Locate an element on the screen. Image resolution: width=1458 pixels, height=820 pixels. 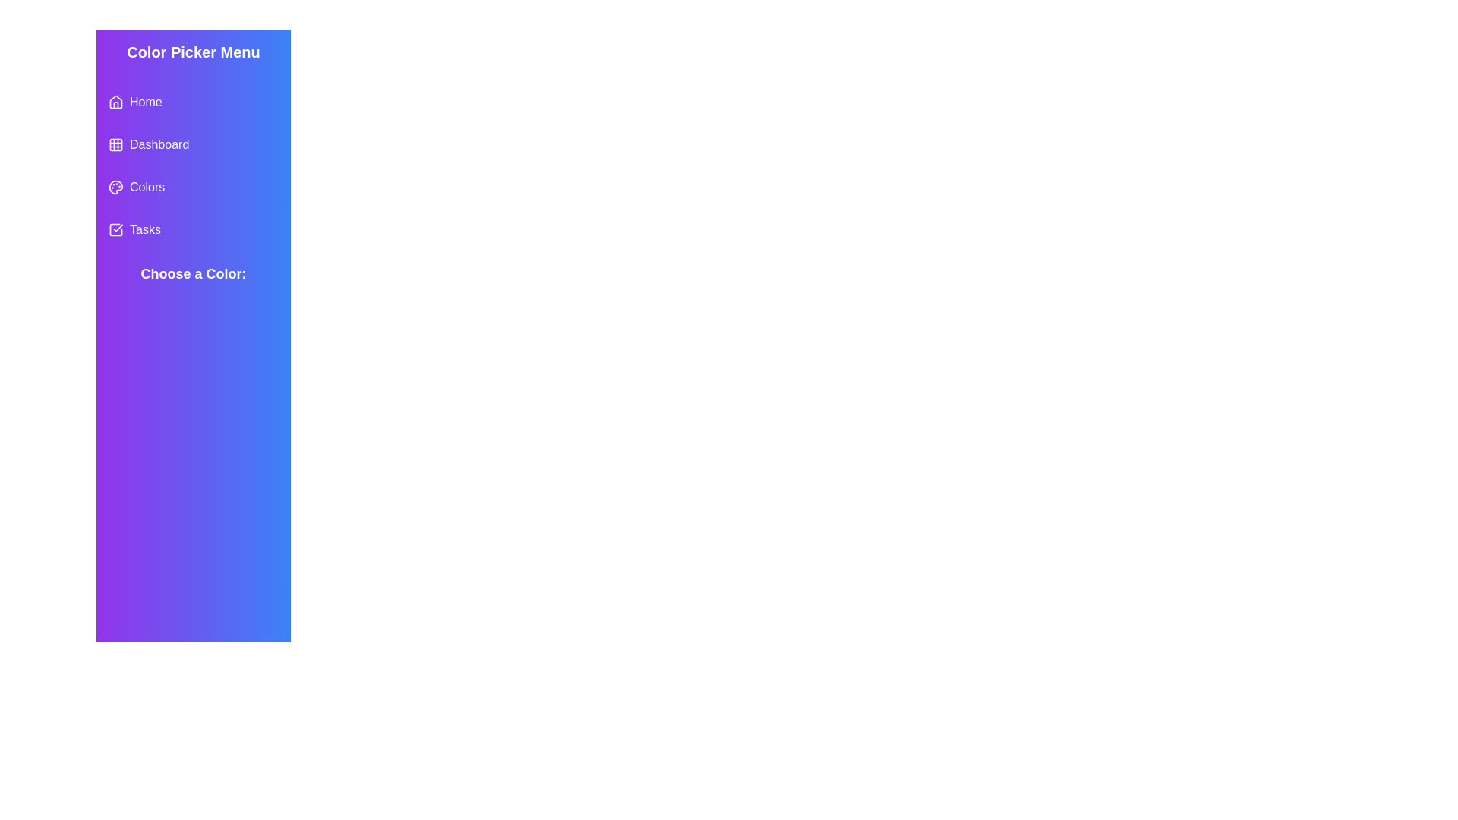
the circular indicator in the first row and second column of the grid layout, which serves as a color selection option is located at coordinates (182, 305).